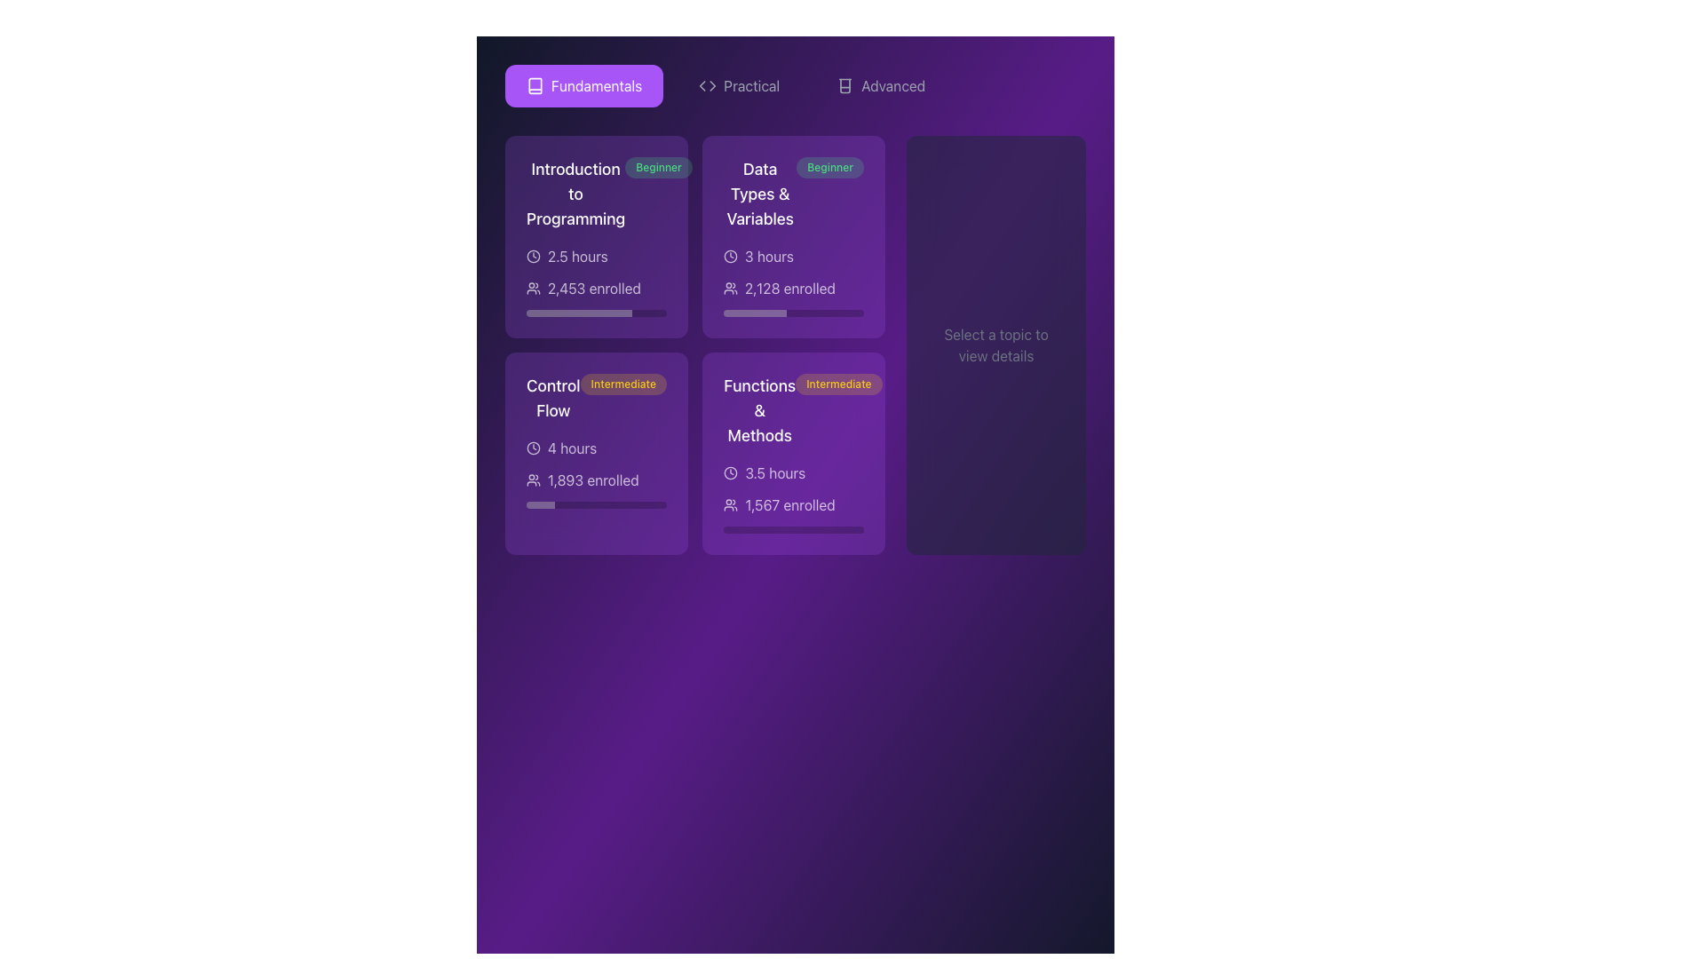  I want to click on the interactive card with a purple background titled 'Data Types & Variables' located in the top-right quadrant, so click(792, 235).